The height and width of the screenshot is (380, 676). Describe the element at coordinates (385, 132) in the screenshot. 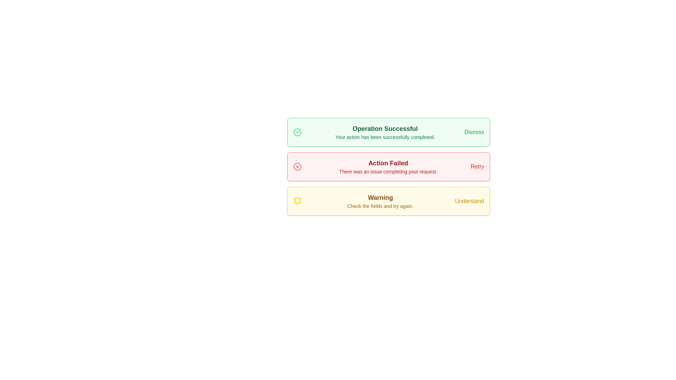

I see `status notification message confirming the successful operation, which is located within the green banner at the top of the list of similar status banners` at that location.